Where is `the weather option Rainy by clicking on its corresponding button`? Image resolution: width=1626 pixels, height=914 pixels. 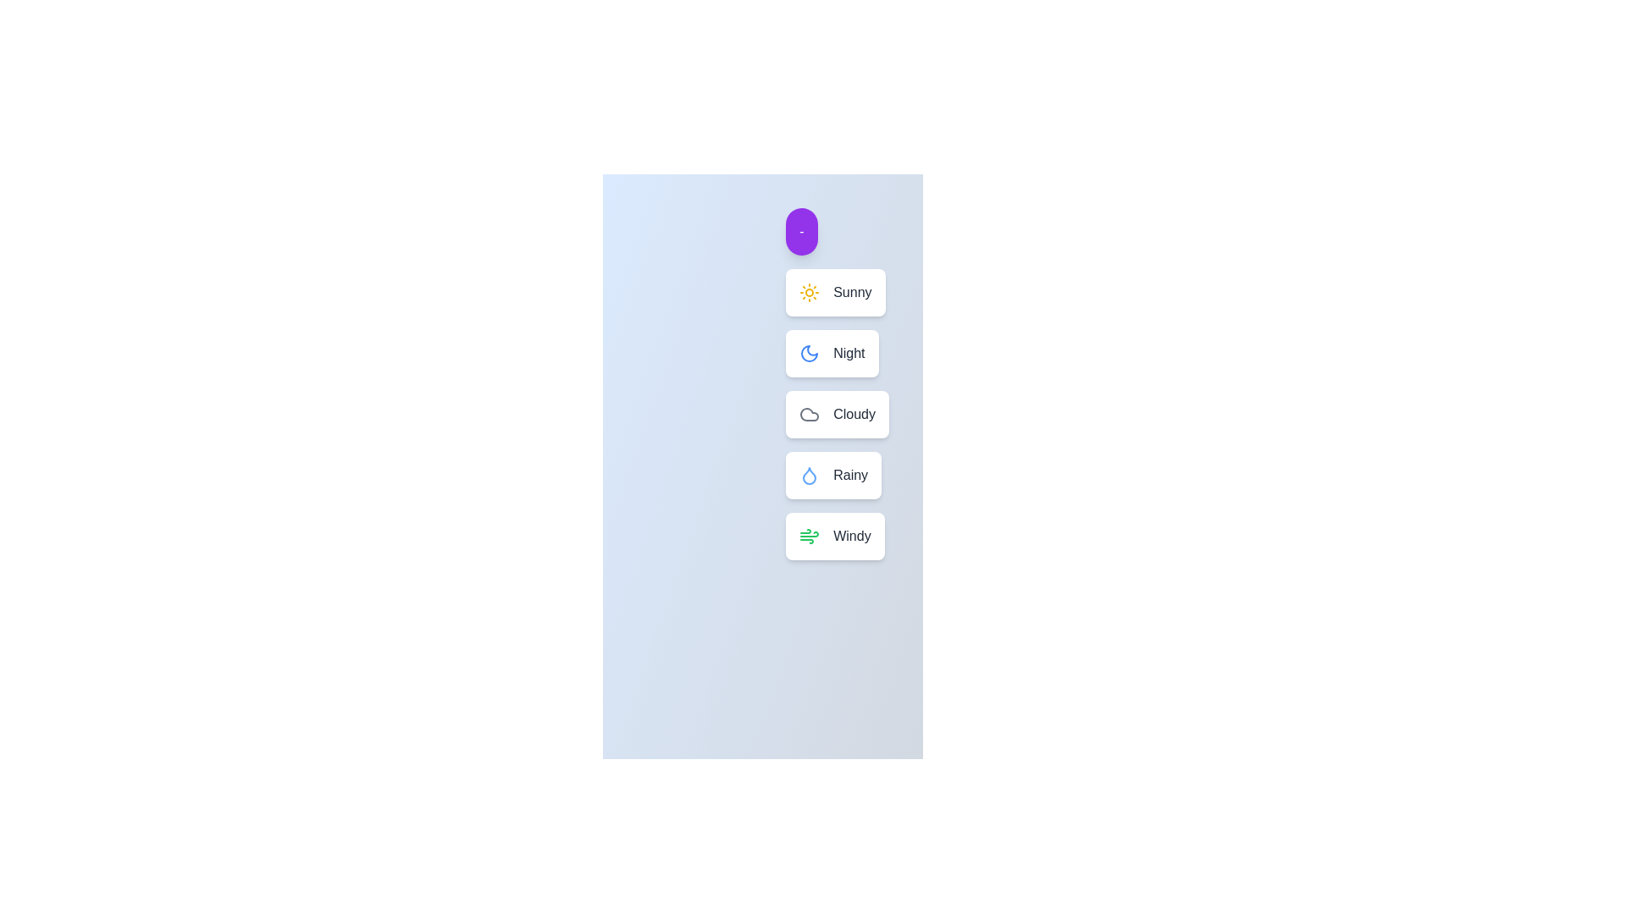 the weather option Rainy by clicking on its corresponding button is located at coordinates (833, 476).